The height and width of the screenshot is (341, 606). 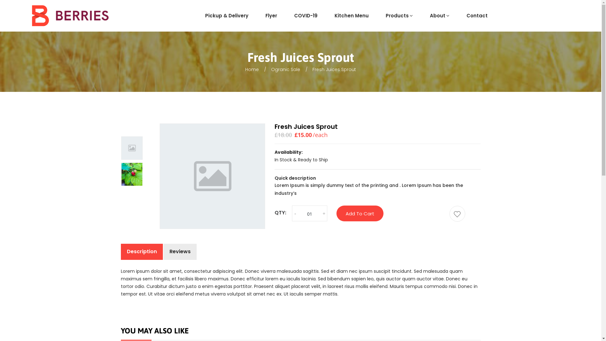 I want to click on 'Kitchen Menu', so click(x=351, y=15).